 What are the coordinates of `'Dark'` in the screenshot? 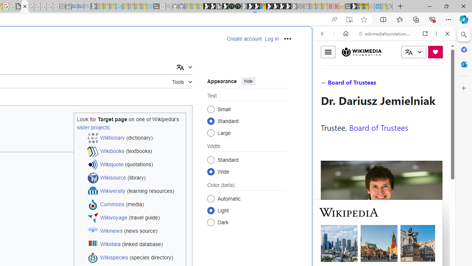 It's located at (211, 222).